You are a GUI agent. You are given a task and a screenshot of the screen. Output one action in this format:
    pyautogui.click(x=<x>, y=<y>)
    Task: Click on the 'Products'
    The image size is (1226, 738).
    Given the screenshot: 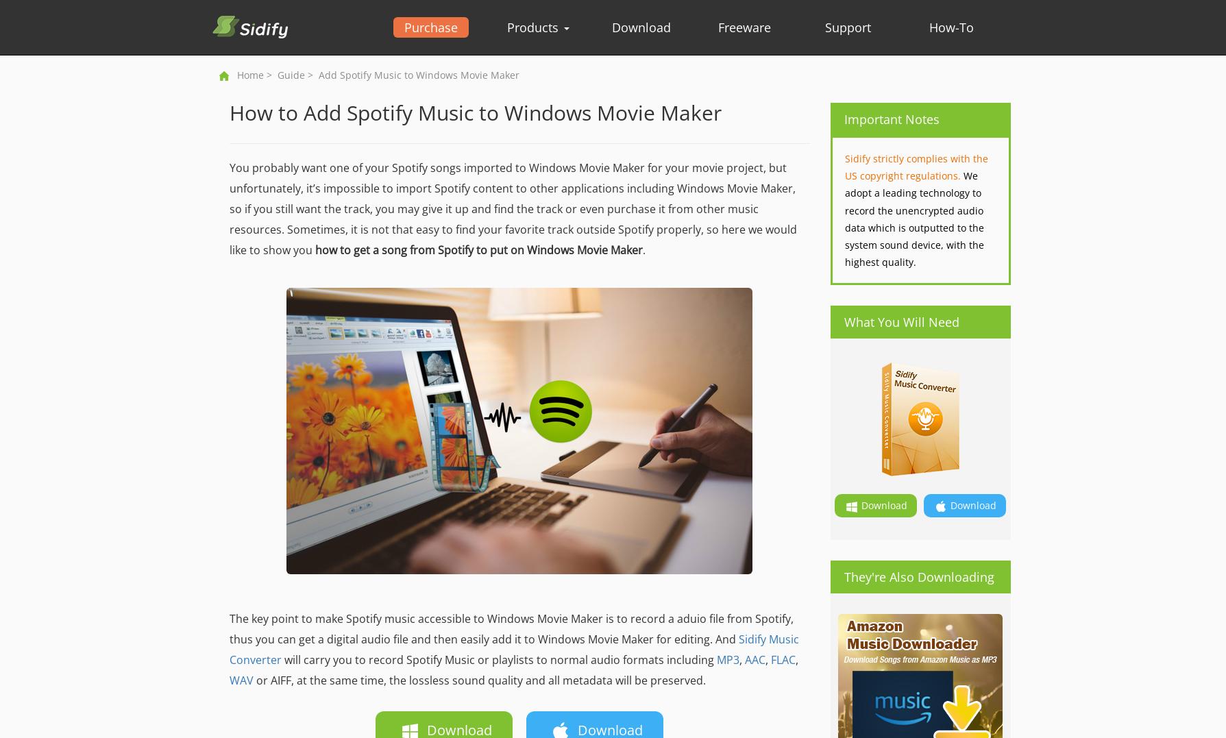 What is the action you would take?
    pyautogui.click(x=533, y=26)
    